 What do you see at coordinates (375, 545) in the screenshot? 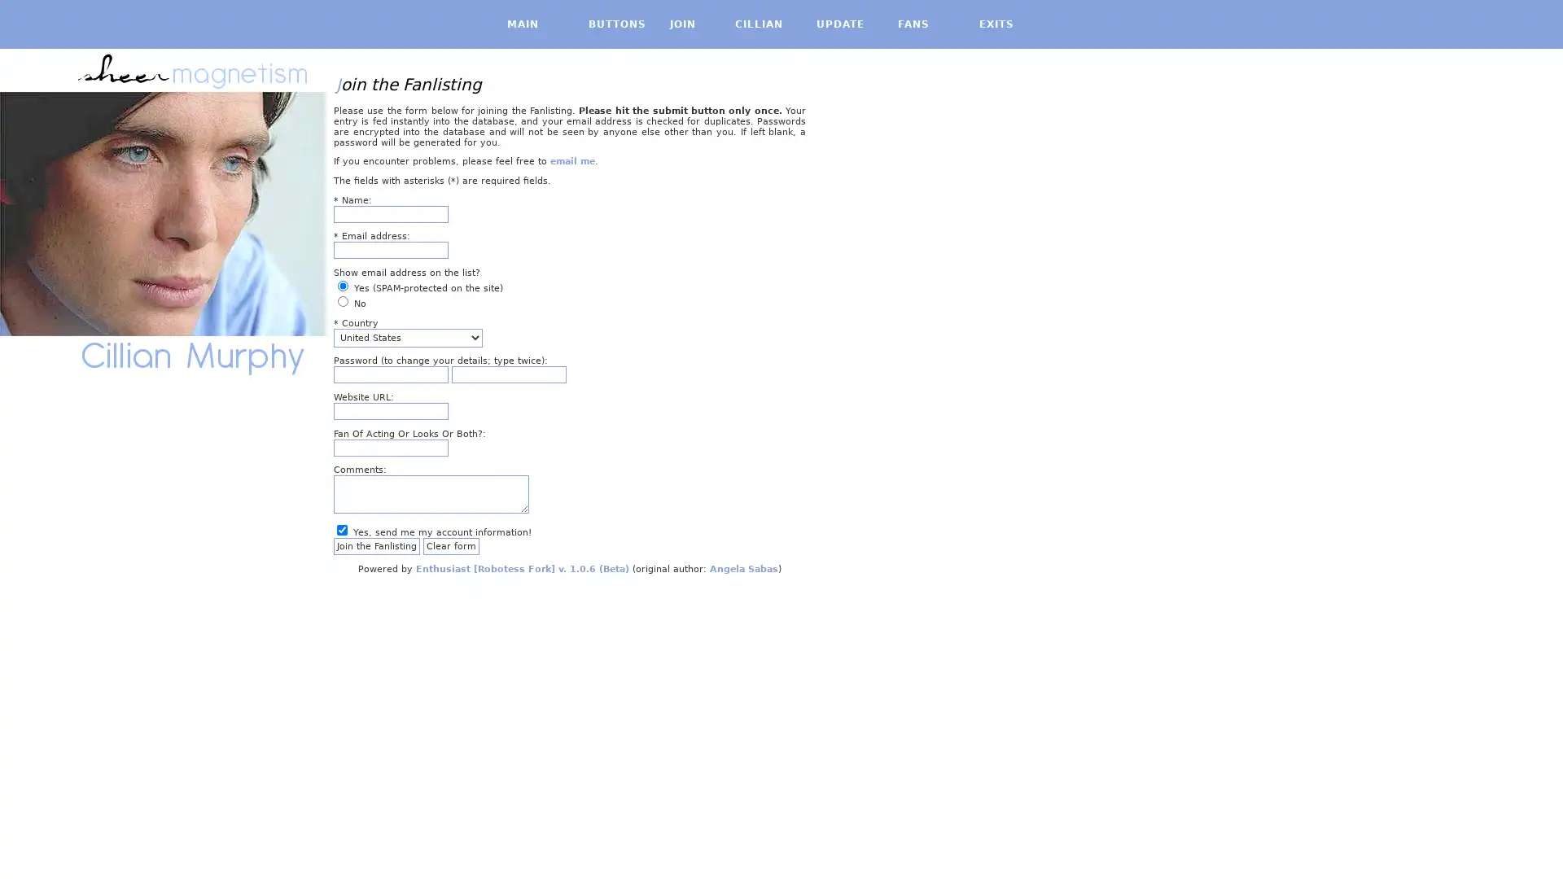
I see `Join the Fanlisting` at bounding box center [375, 545].